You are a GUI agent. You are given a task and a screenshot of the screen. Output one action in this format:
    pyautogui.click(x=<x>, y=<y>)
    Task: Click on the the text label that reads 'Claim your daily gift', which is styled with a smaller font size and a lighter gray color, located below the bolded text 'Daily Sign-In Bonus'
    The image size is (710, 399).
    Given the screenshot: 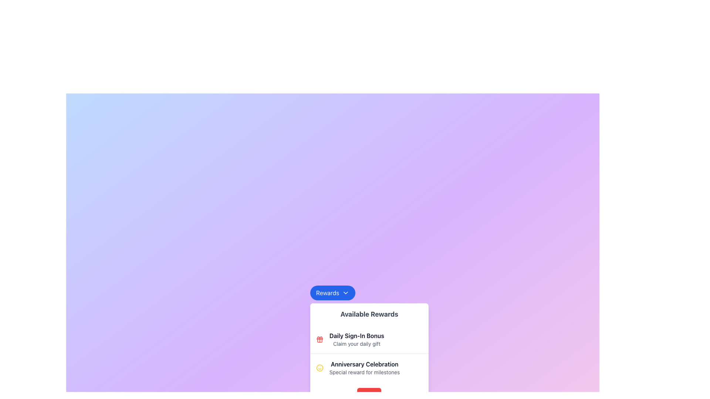 What is the action you would take?
    pyautogui.click(x=356, y=344)
    